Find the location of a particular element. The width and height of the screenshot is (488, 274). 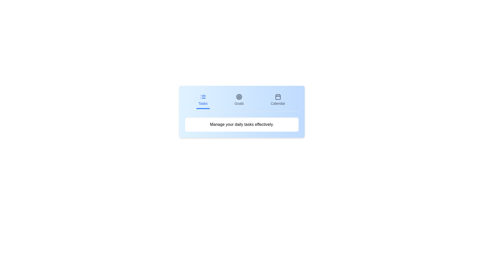

the Calendar tab by clicking on its title or icon is located at coordinates (278, 100).